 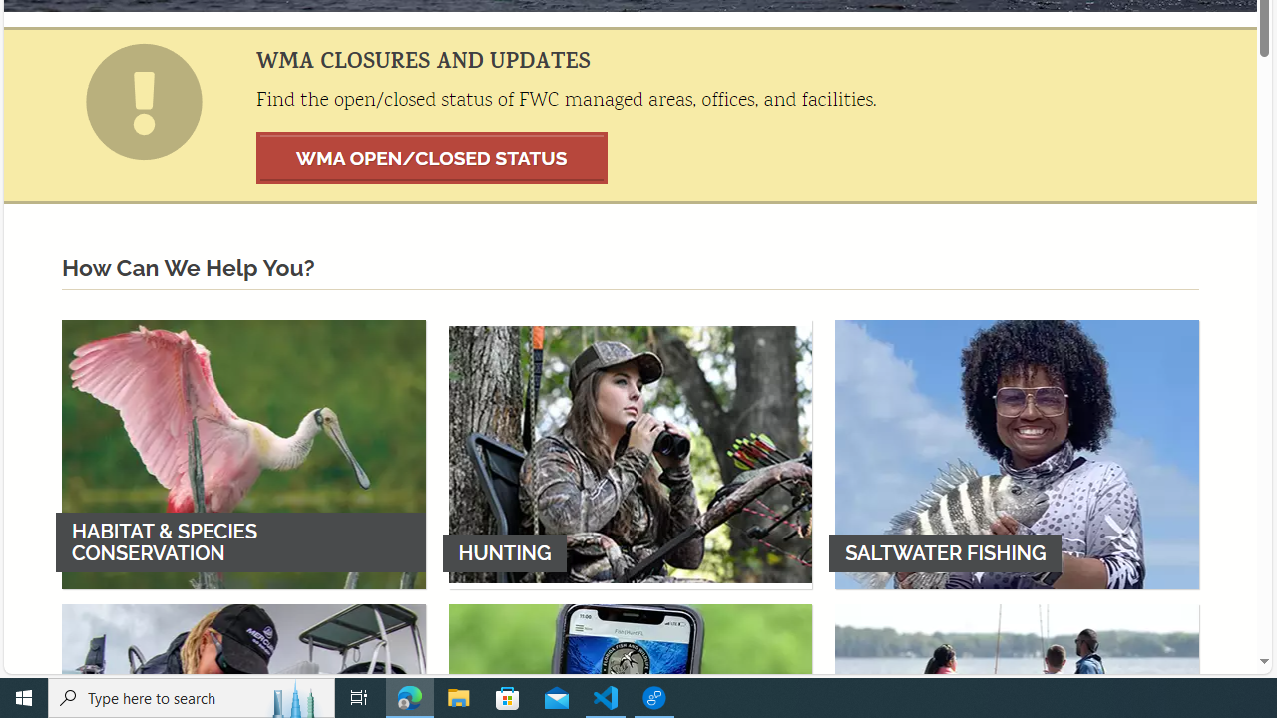 I want to click on 'WMA OPEN/CLOSED STATUS', so click(x=431, y=157).